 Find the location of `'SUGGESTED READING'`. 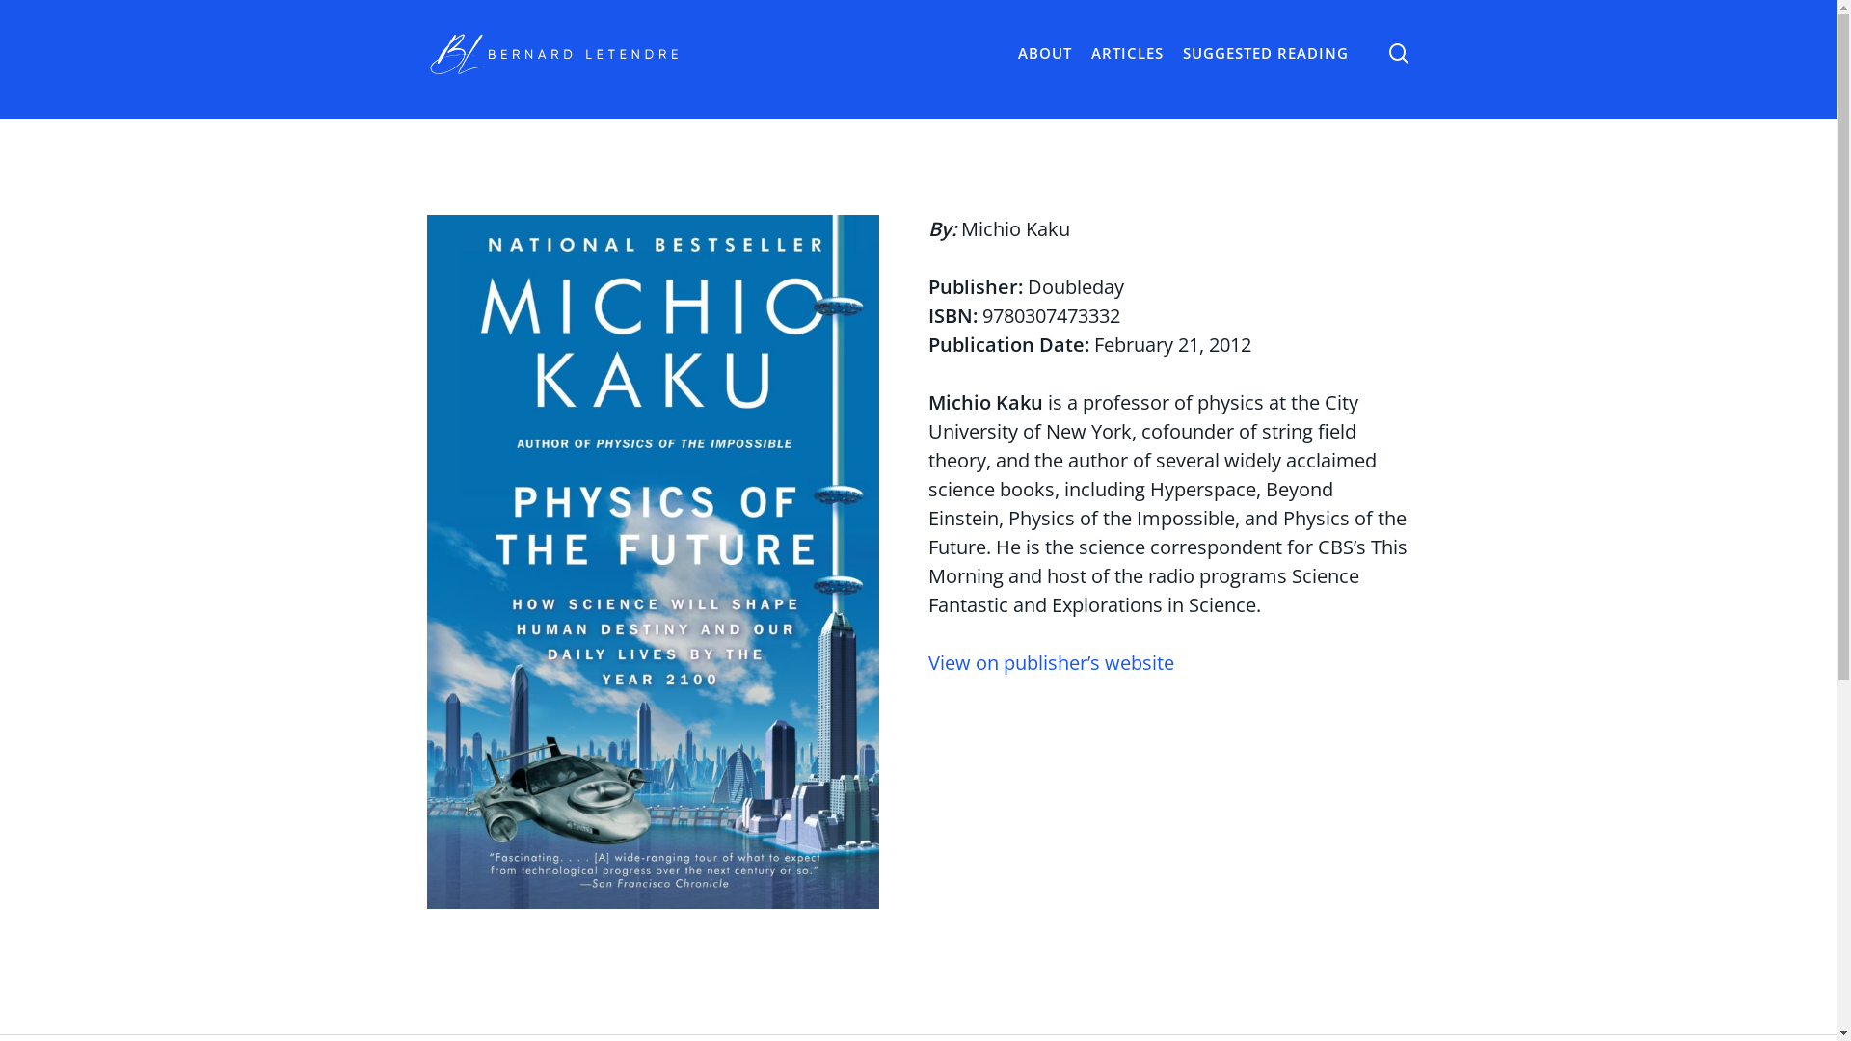

'SUGGESTED READING' is located at coordinates (1180, 51).